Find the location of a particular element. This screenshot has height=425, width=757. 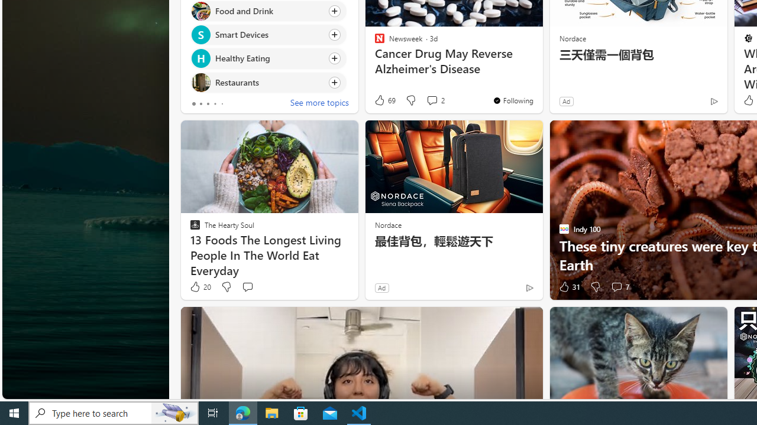

'tab-2' is located at coordinates (208, 103).